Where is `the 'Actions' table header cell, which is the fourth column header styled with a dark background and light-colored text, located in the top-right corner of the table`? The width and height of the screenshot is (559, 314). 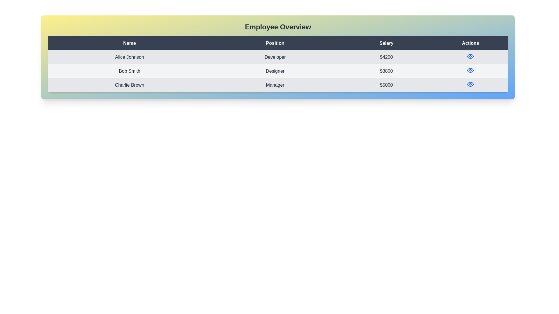
the 'Actions' table header cell, which is the fourth column header styled with a dark background and light-colored text, located in the top-right corner of the table is located at coordinates (470, 43).